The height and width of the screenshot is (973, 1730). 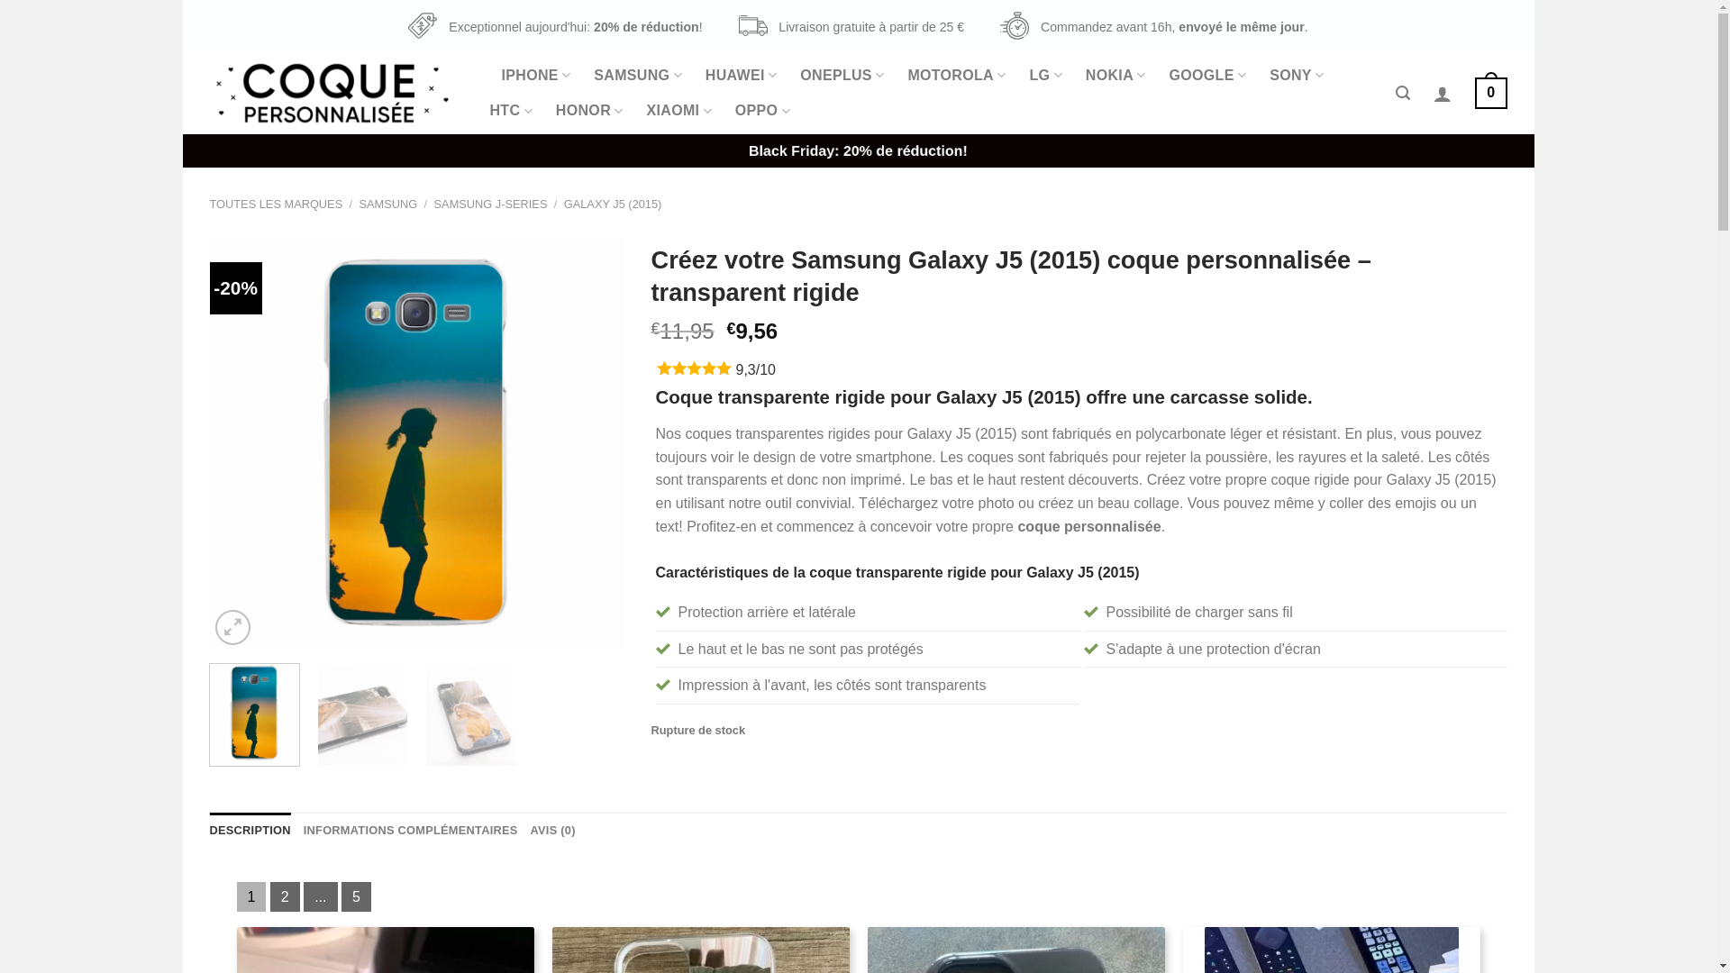 I want to click on 'ONEPLUS', so click(x=841, y=74).